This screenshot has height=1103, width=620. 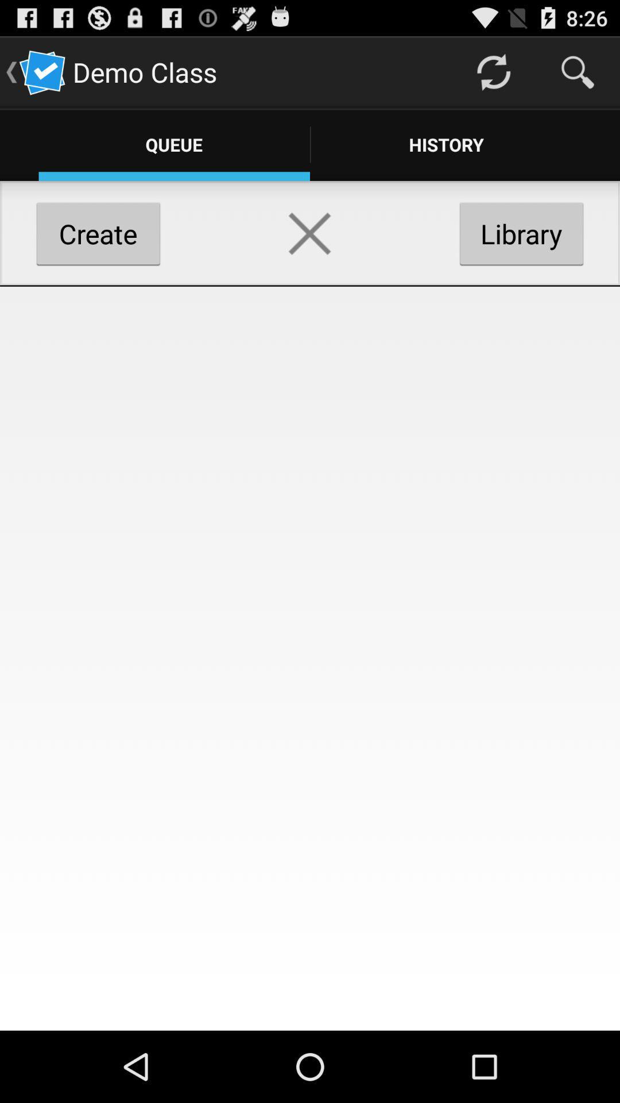 What do you see at coordinates (309, 233) in the screenshot?
I see `delete` at bounding box center [309, 233].